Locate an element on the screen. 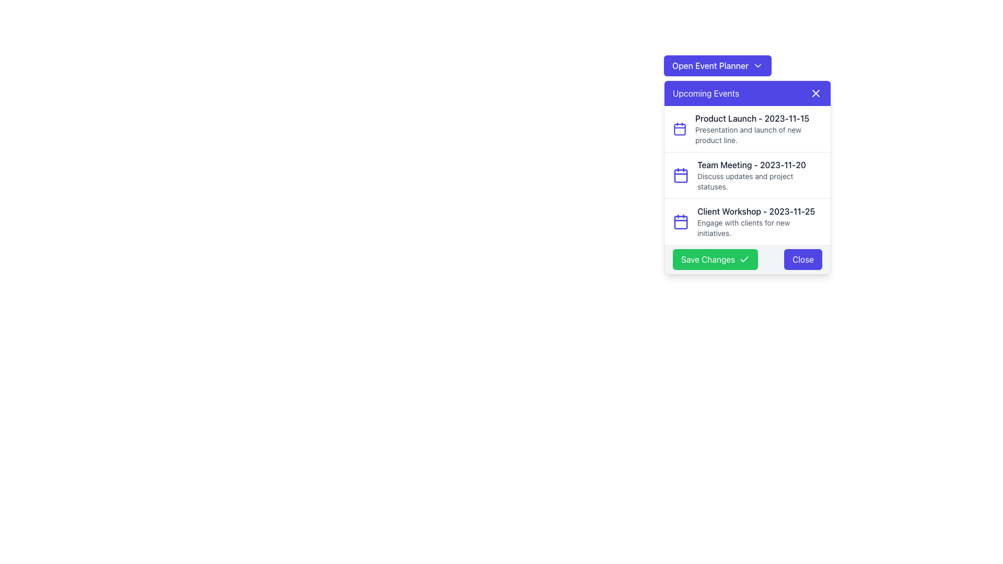 The image size is (1003, 564). the text block displaying the title 'Client Workshop - 2023-11-25' located in the 'Upcoming Events' panel as the third item in the list is located at coordinates (760, 221).